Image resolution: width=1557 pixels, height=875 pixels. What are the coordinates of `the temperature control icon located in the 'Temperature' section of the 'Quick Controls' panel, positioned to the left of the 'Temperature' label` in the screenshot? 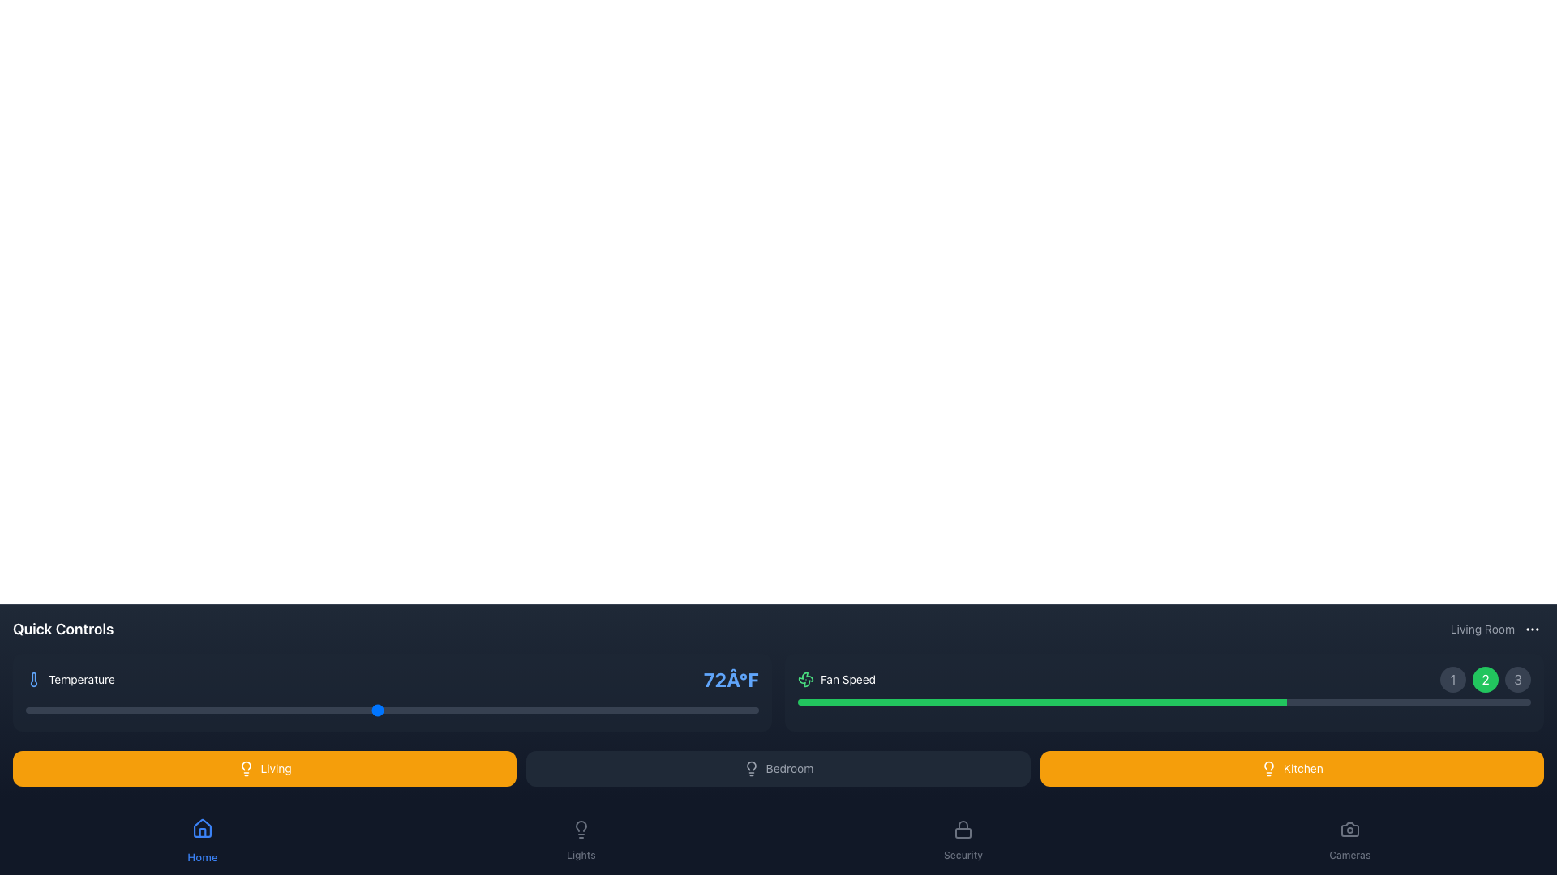 It's located at (34, 680).